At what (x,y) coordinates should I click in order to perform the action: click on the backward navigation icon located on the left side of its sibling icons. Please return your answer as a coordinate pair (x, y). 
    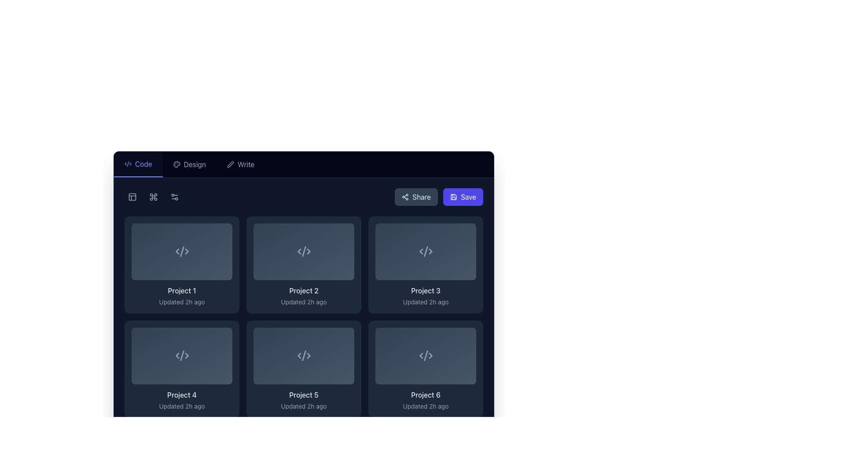
    Looking at the image, I should click on (176, 355).